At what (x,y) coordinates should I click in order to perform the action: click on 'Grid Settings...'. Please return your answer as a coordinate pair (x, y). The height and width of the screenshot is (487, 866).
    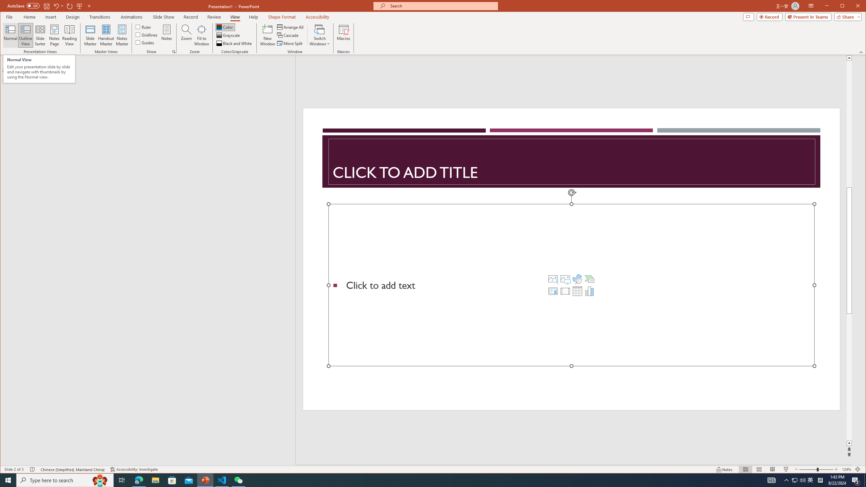
    Looking at the image, I should click on (174, 52).